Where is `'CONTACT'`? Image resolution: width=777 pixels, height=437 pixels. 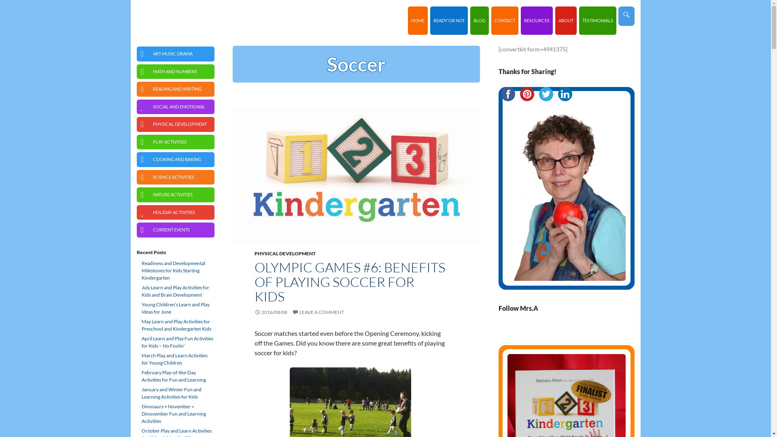
'CONTACT' is located at coordinates (504, 20).